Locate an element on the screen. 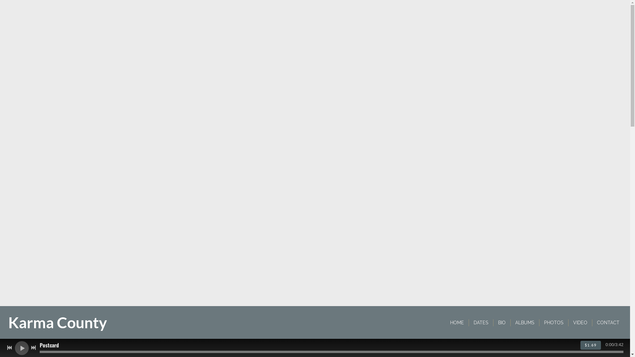  'CONTACT' is located at coordinates (608, 322).